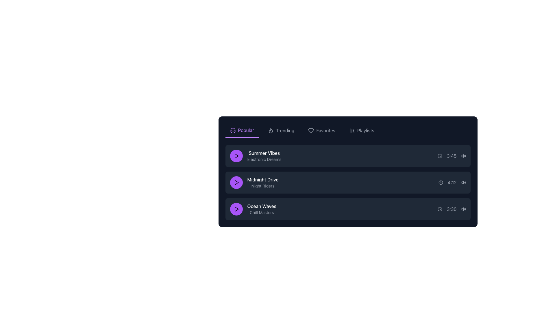 This screenshot has width=555, height=312. Describe the element at coordinates (270, 130) in the screenshot. I see `the 'Trending' tab icon on the top navigation bar to potentially display a tooltip` at that location.